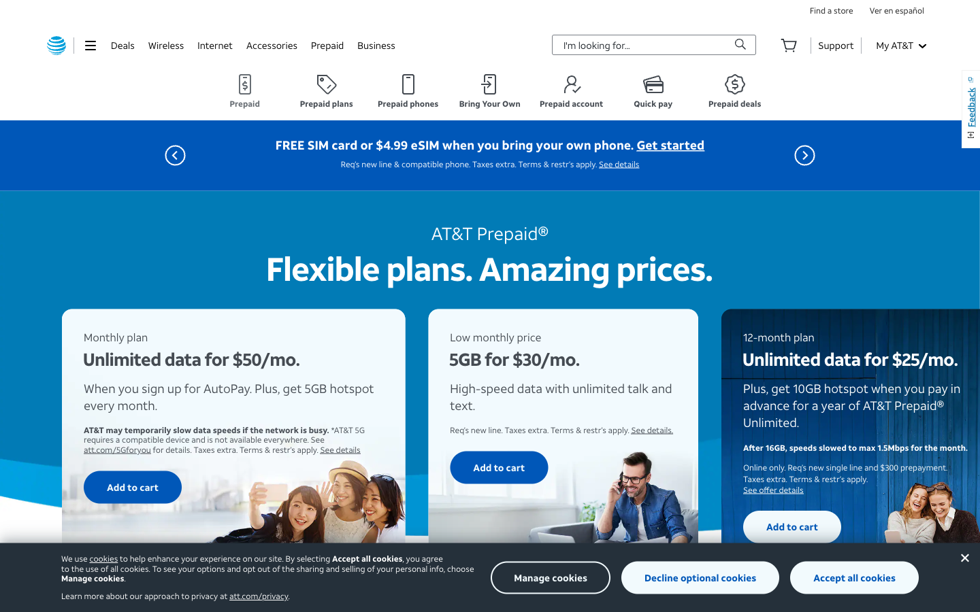 The height and width of the screenshot is (612, 980). I want to click on the "Quick Pay" option, so click(653, 91).